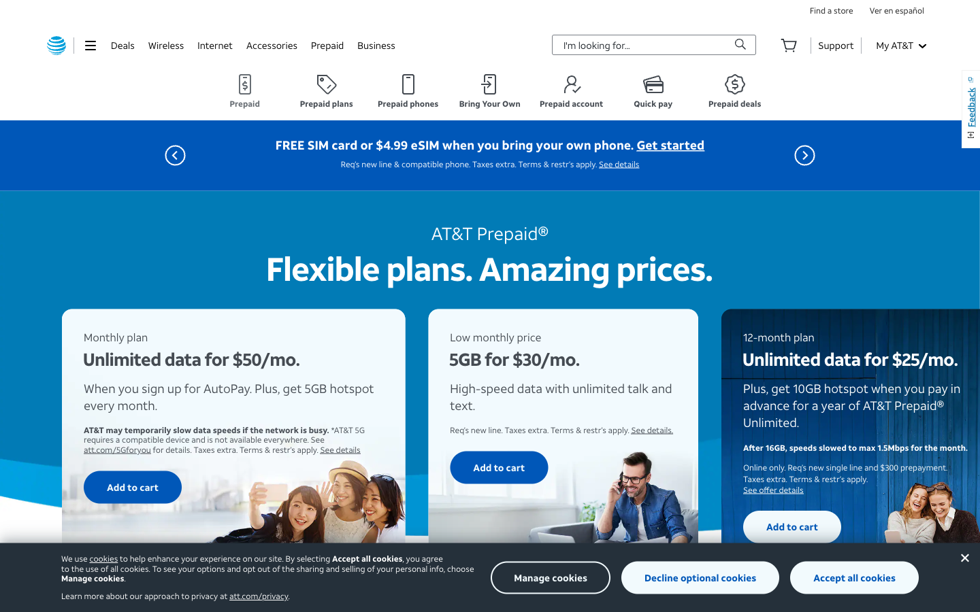 The height and width of the screenshot is (612, 980). I want to click on the "Quick Pay" option, so click(653, 91).